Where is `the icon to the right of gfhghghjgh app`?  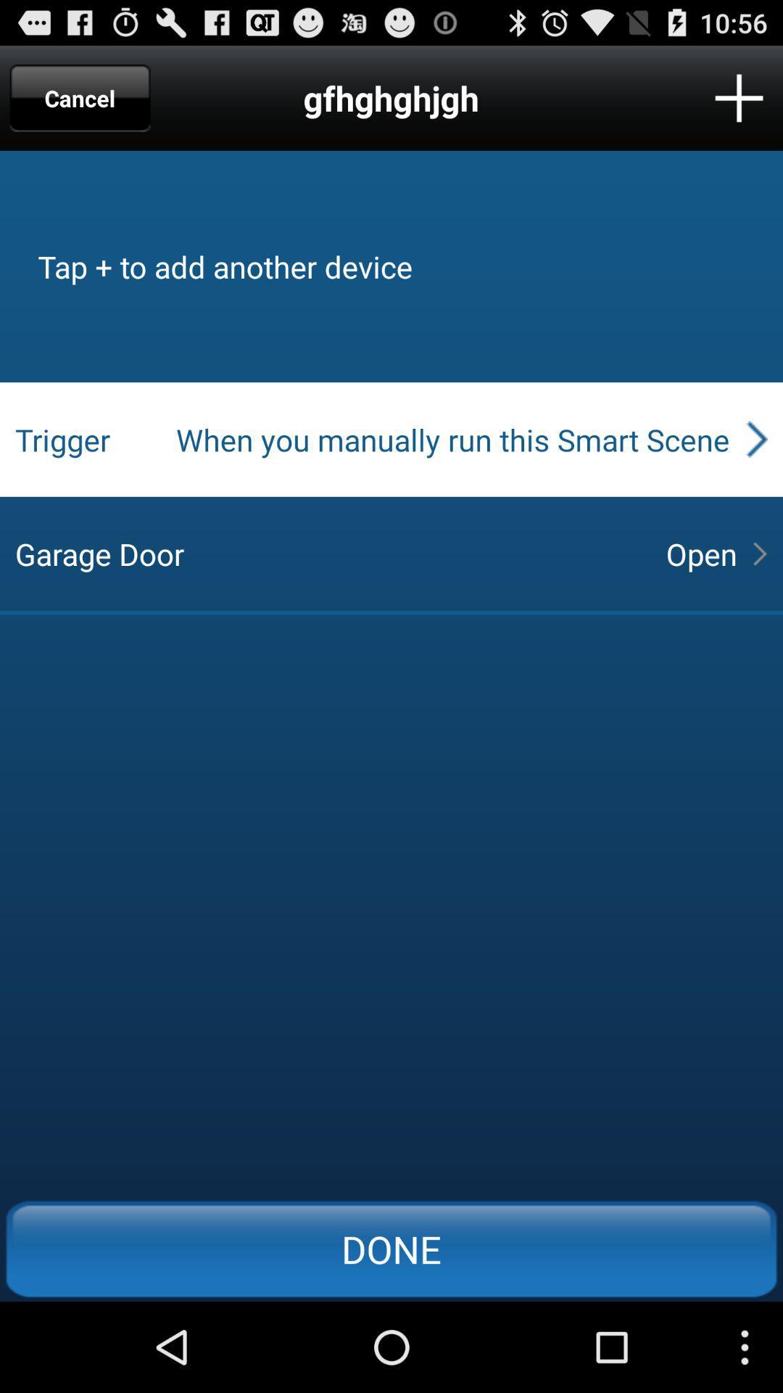 the icon to the right of gfhghghjgh app is located at coordinates (739, 97).